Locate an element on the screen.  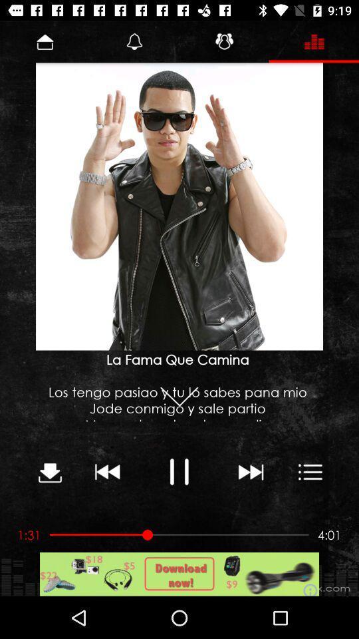
the image is located at coordinates (179, 207).